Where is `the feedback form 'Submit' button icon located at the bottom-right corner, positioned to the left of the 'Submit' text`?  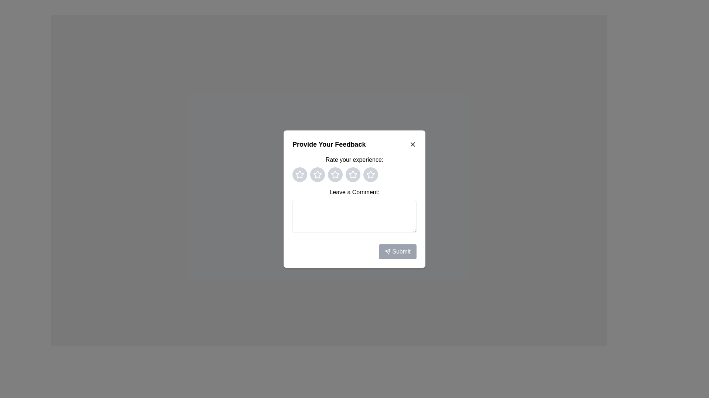 the feedback form 'Submit' button icon located at the bottom-right corner, positioned to the left of the 'Submit' text is located at coordinates (387, 251).